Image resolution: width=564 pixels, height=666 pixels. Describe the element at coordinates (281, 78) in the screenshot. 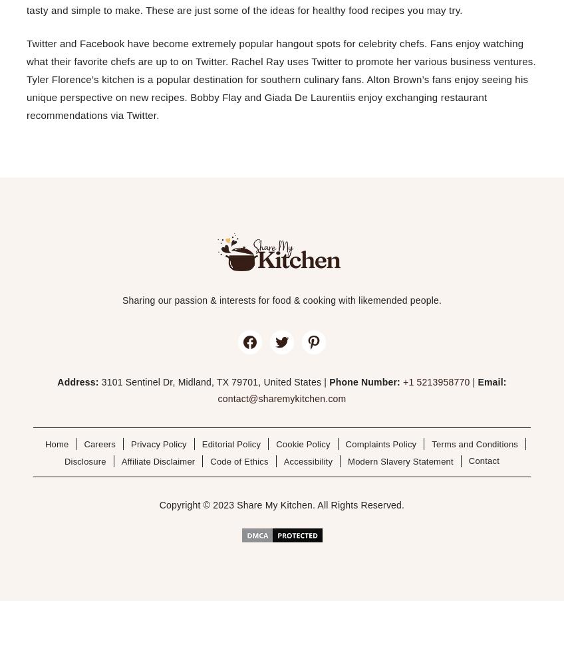

I see `'Twitter and Facebook have become extremely popular hangout spots for celebrity chefs. Fans enjoy watching what their favorite chefs are up to on Twitter. Rachel Ray uses Twitter to promote her various business ventures. Tyler Florence’s kitchen is a popular destination for southern culinary fans. Alton Brown’s fans enjoy seeing his unique perspective on new recipes. Bobby Flay and Giada De Laurentiis enjoy exchanging restaurant recommendations via Twitter.'` at that location.